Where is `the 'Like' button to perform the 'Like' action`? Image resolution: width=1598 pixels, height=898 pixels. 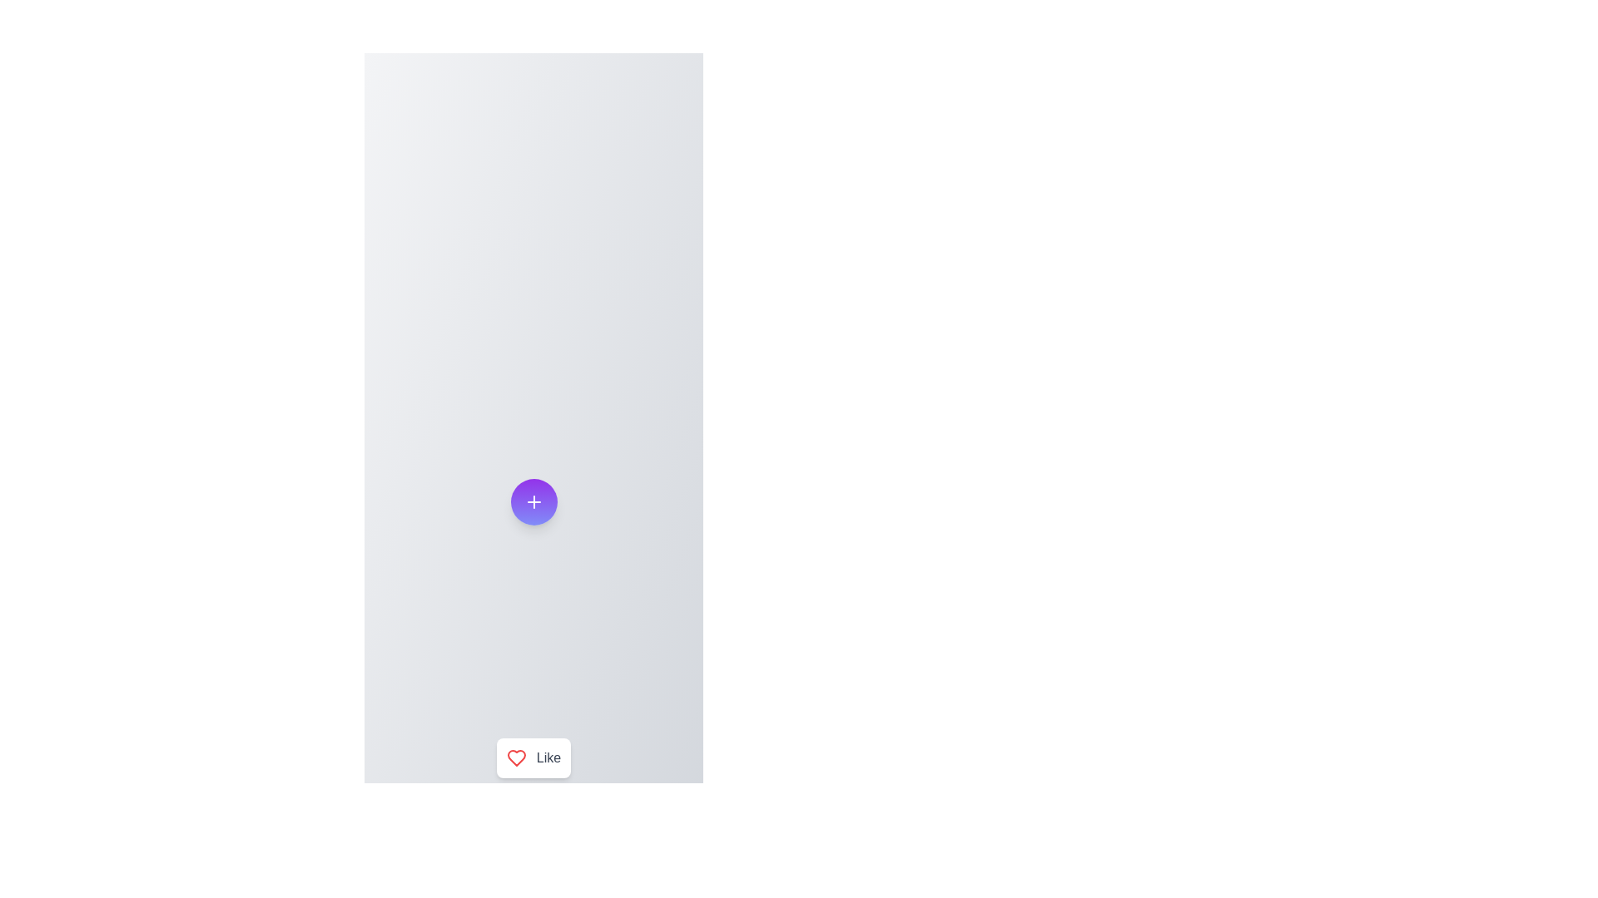 the 'Like' button to perform the 'Like' action is located at coordinates (533, 757).